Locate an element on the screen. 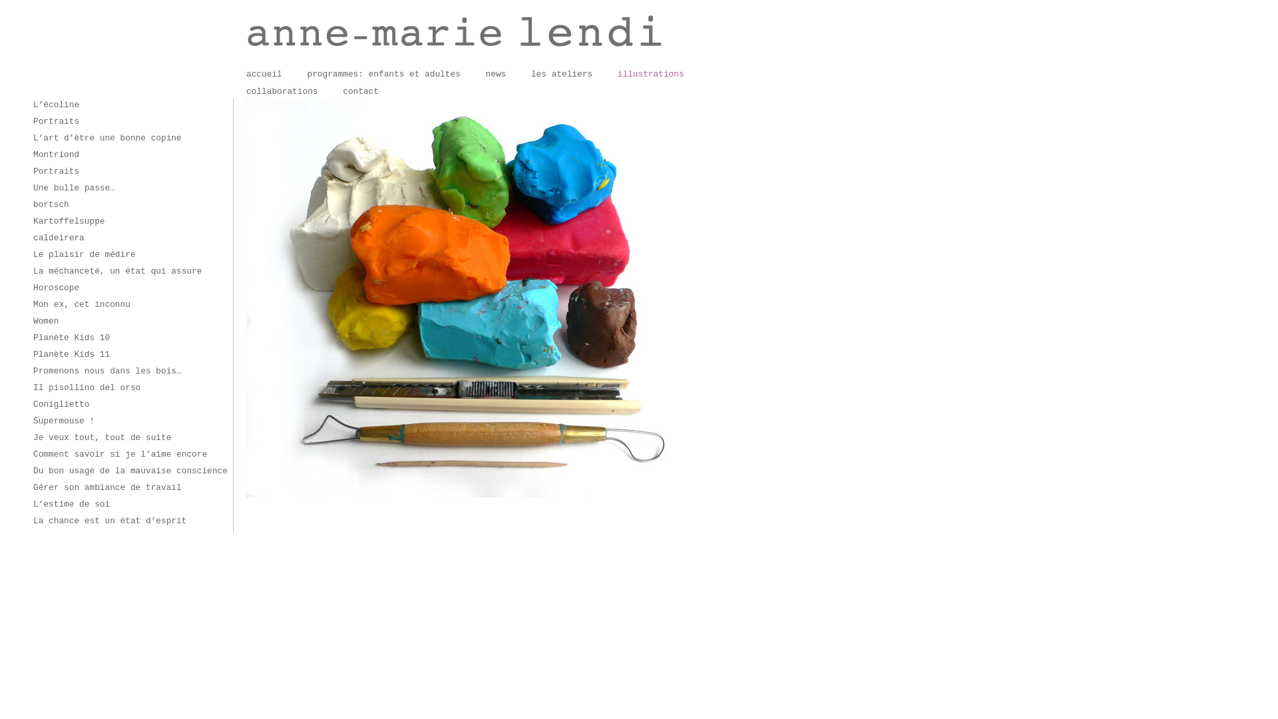  'accueil' is located at coordinates (264, 74).